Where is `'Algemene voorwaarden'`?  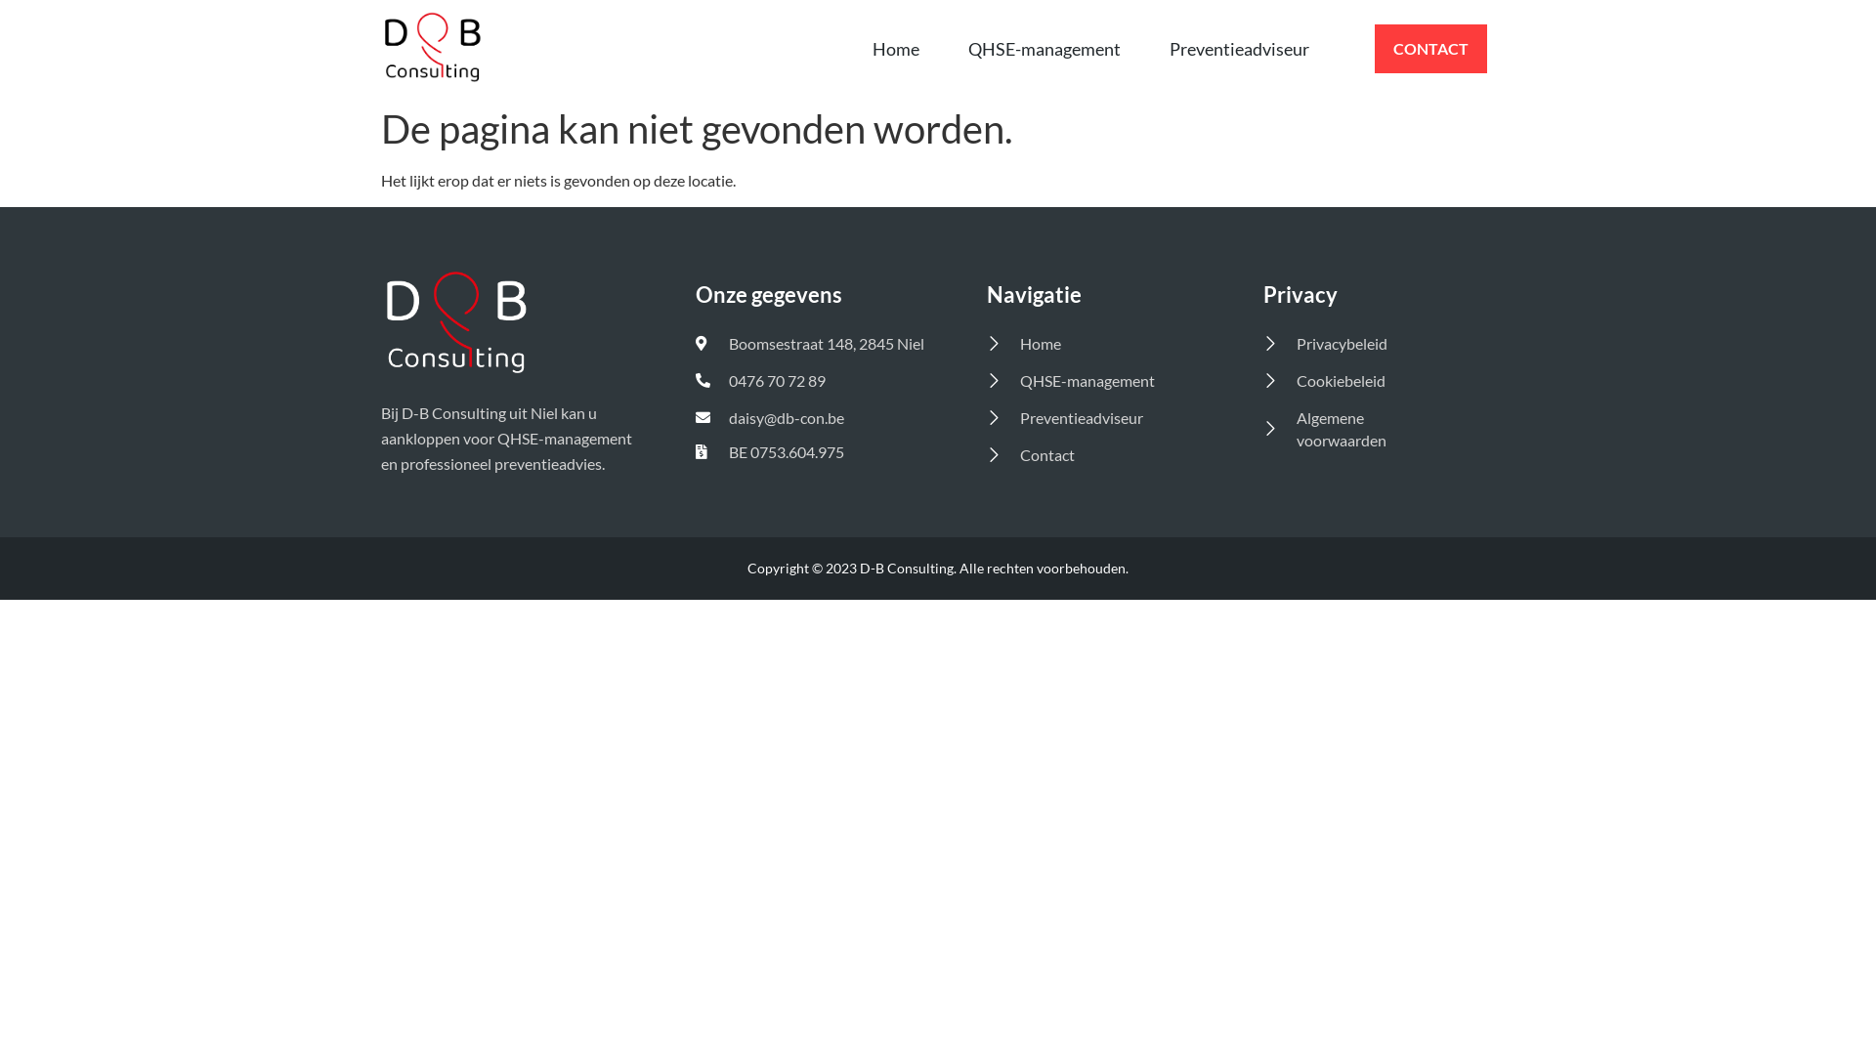
'Algemene voorwaarden' is located at coordinates (1358, 428).